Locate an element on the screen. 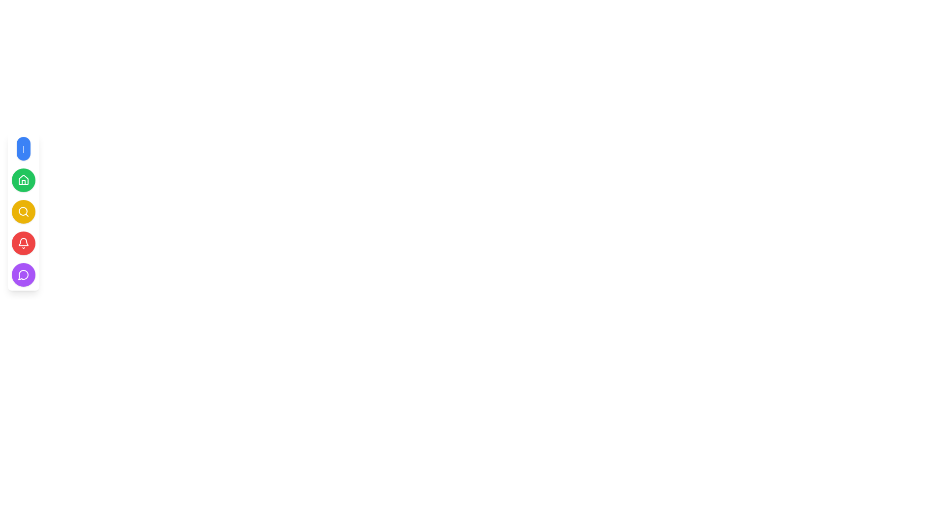 This screenshot has height=532, width=945. the circular yellow icon located in the vertical toolbar, which is the third icon from the top is located at coordinates (23, 210).